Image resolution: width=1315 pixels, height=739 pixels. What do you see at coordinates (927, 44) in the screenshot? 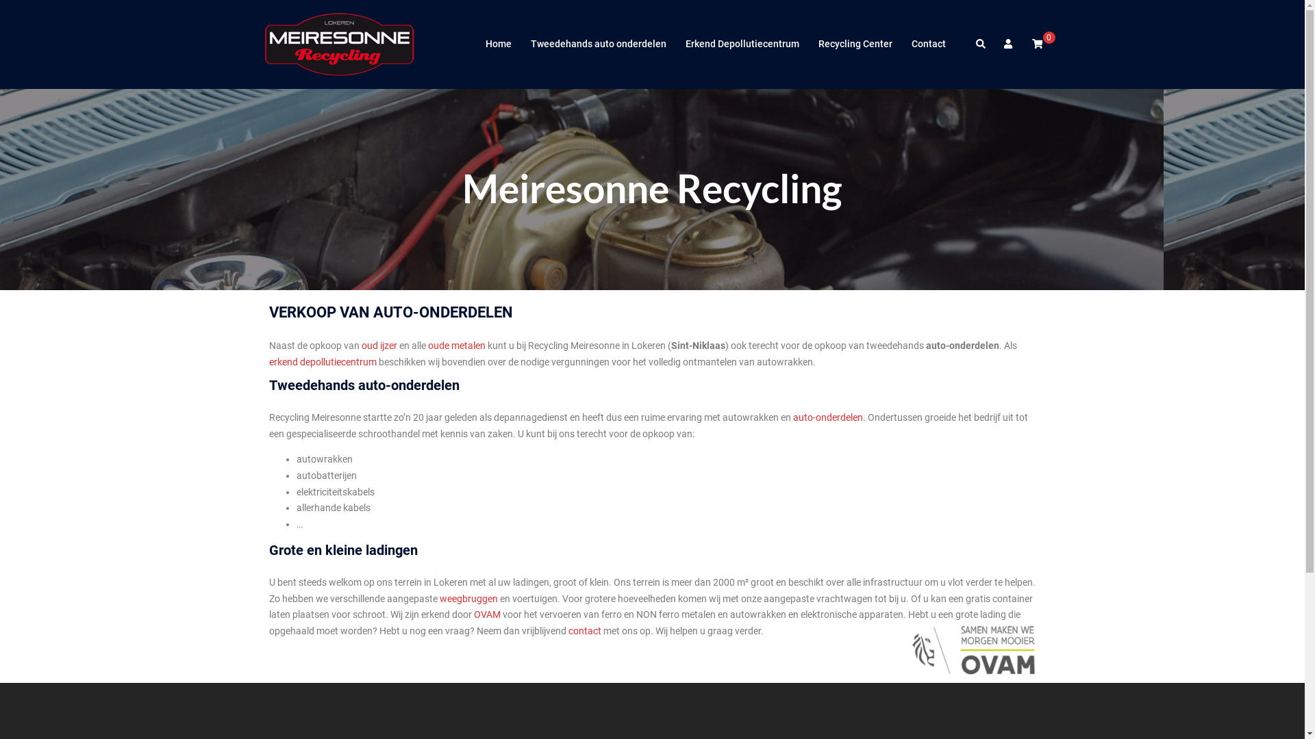
I see `'Contact'` at bounding box center [927, 44].